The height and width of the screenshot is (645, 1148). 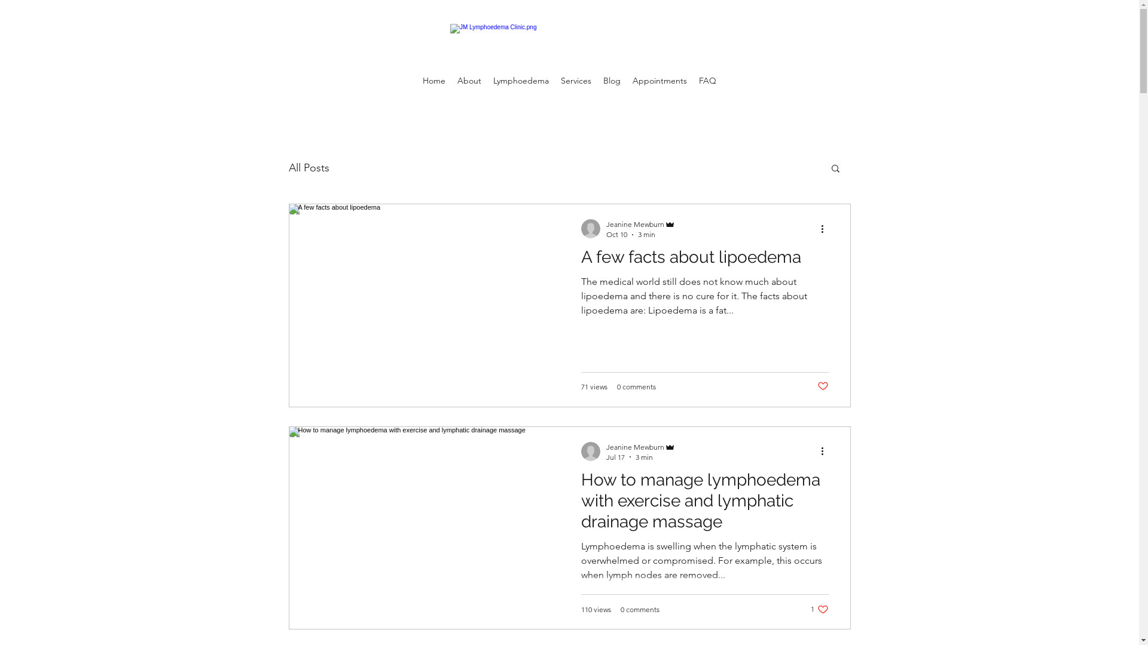 I want to click on 'Blog', so click(x=612, y=81).